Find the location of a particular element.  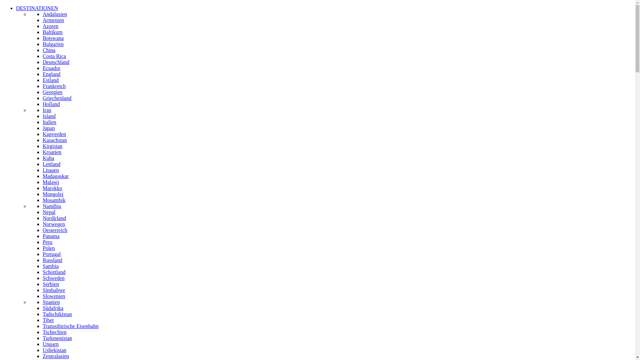

'Russland' is located at coordinates (52, 260).